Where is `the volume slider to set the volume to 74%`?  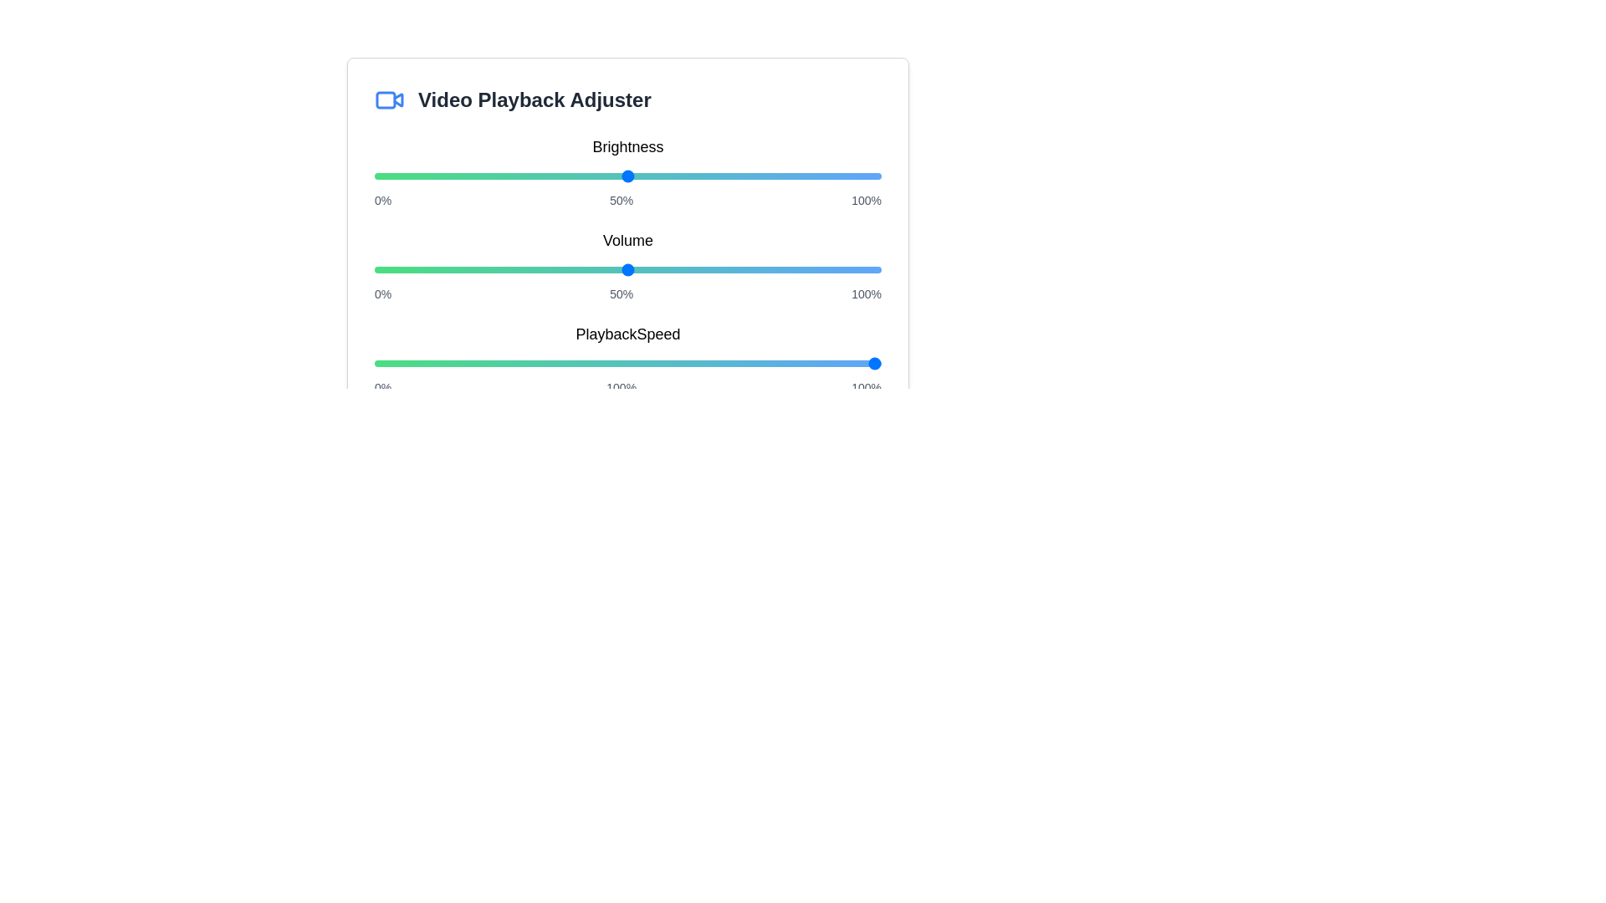
the volume slider to set the volume to 74% is located at coordinates (749, 269).